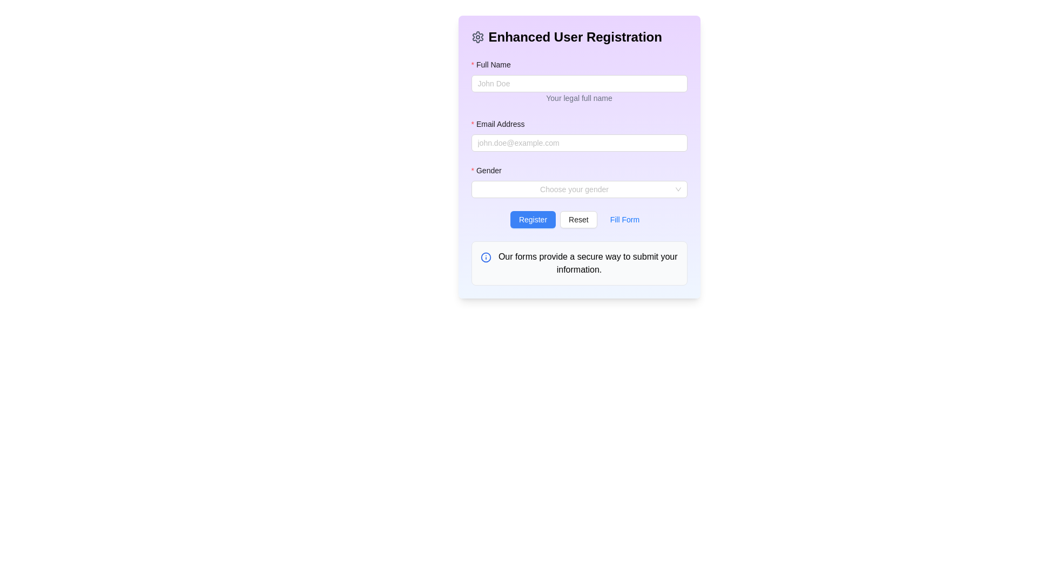  What do you see at coordinates (533, 219) in the screenshot?
I see `the blue 'Register' button located at the bottom of the registration form` at bounding box center [533, 219].